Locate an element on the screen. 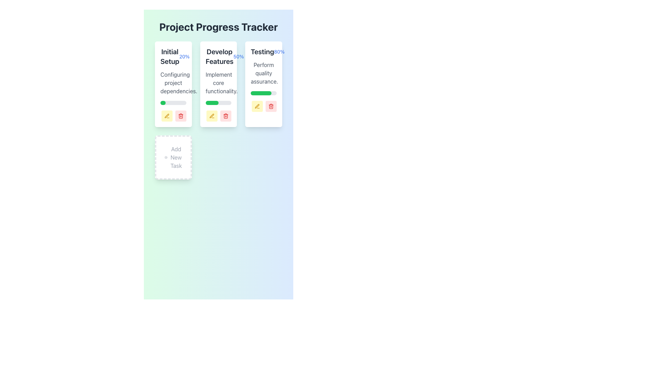 The width and height of the screenshot is (664, 373). the red button with a trash icon is located at coordinates (263, 106).